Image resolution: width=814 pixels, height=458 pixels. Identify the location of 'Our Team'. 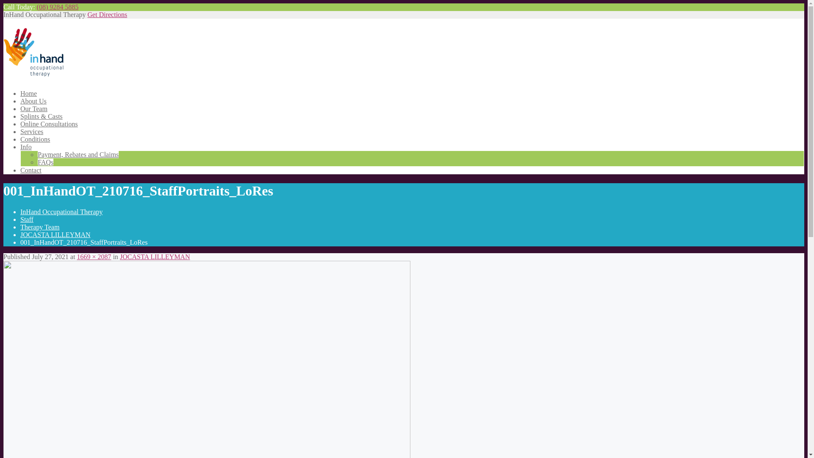
(34, 108).